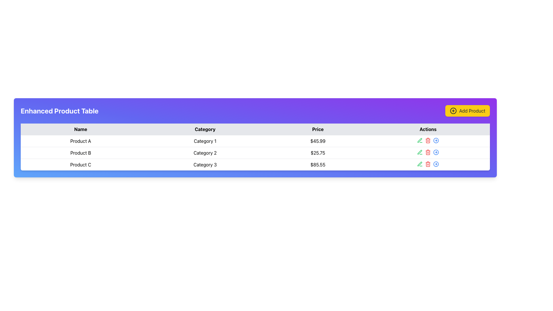 The width and height of the screenshot is (553, 311). I want to click on the delete icon in the 'Actions' column of the product table, so click(428, 152).